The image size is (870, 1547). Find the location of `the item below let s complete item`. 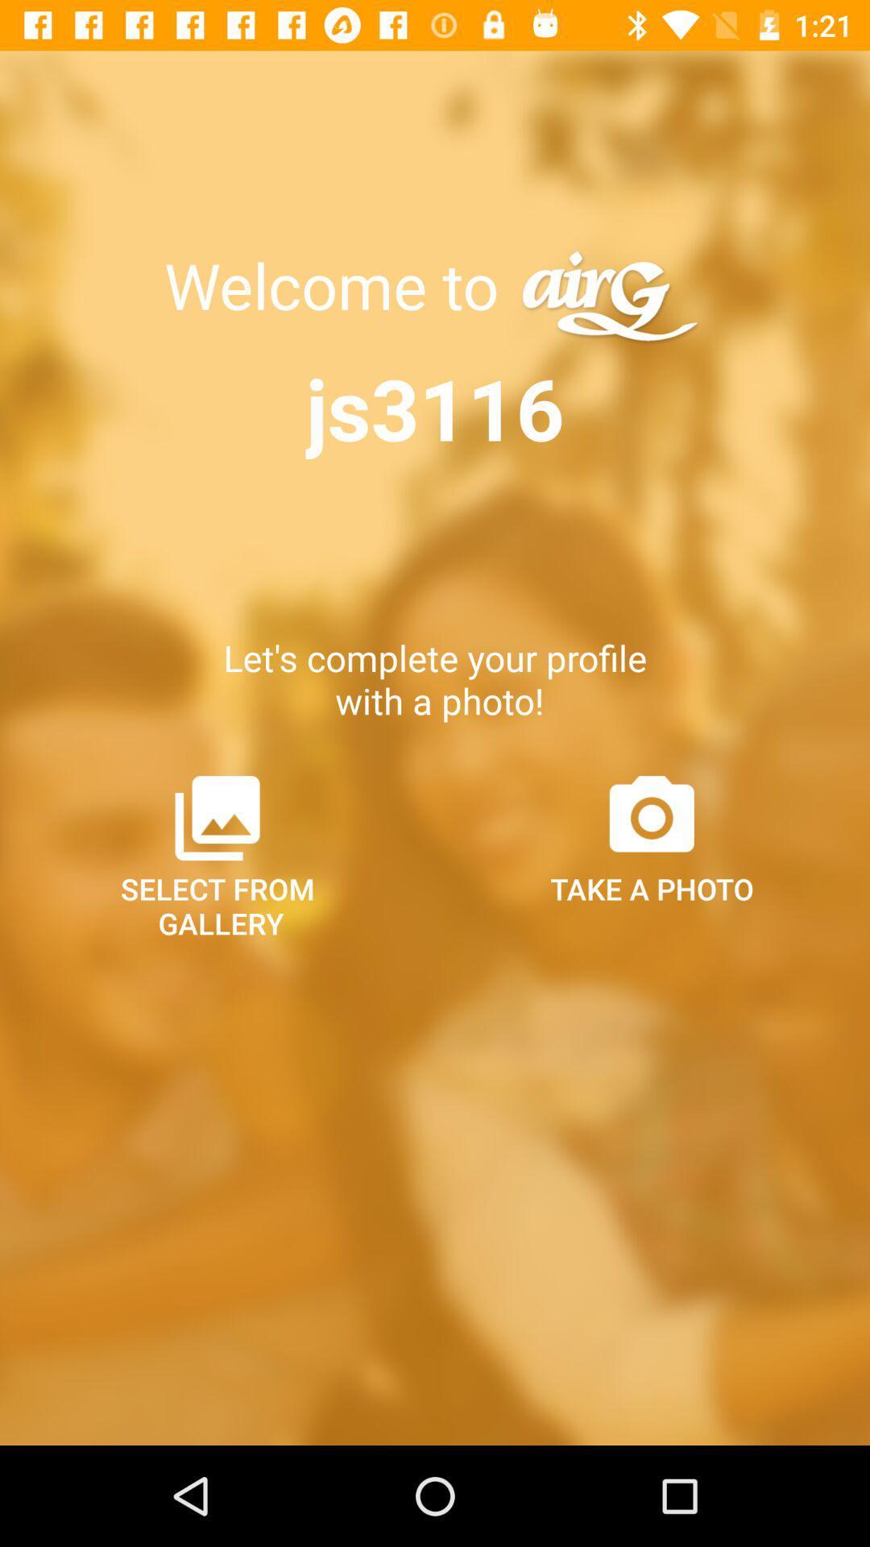

the item below let s complete item is located at coordinates (217, 854).